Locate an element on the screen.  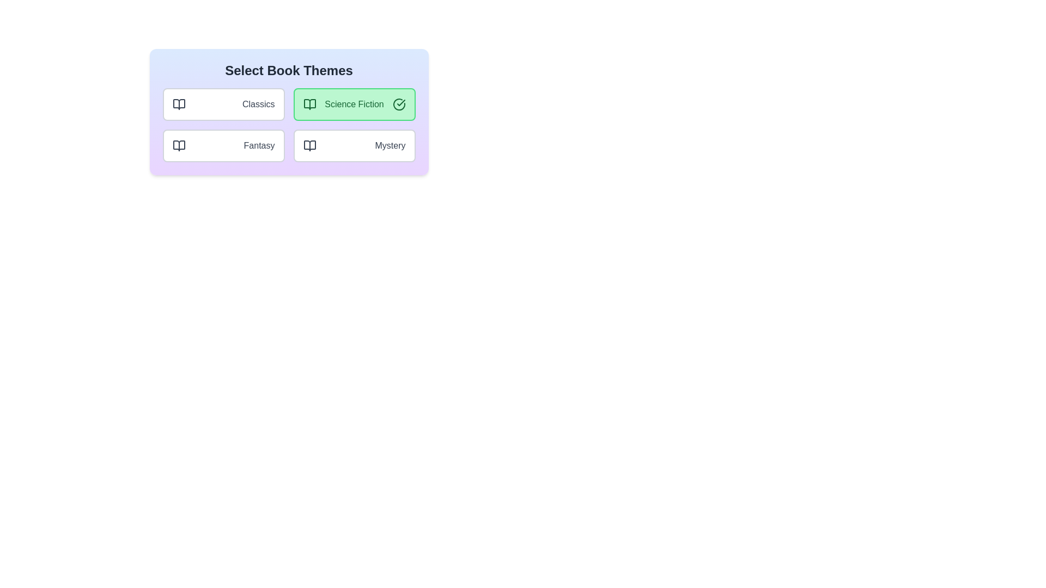
the button labeled 'Classics' to observe the hover effect is located at coordinates (223, 105).